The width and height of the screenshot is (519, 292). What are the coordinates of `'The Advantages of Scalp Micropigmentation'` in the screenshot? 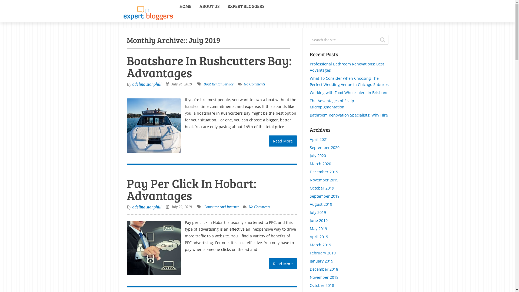 It's located at (332, 104).